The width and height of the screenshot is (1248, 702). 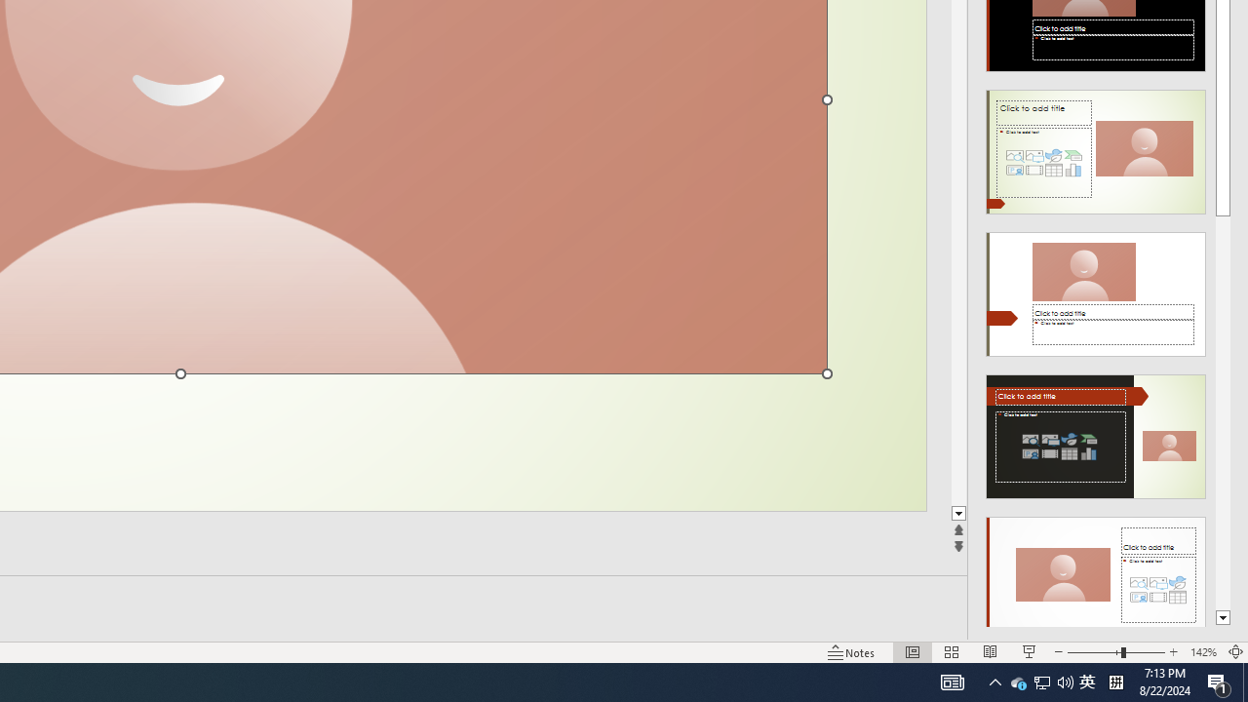 What do you see at coordinates (1202, 652) in the screenshot?
I see `'Zoom 142%'` at bounding box center [1202, 652].